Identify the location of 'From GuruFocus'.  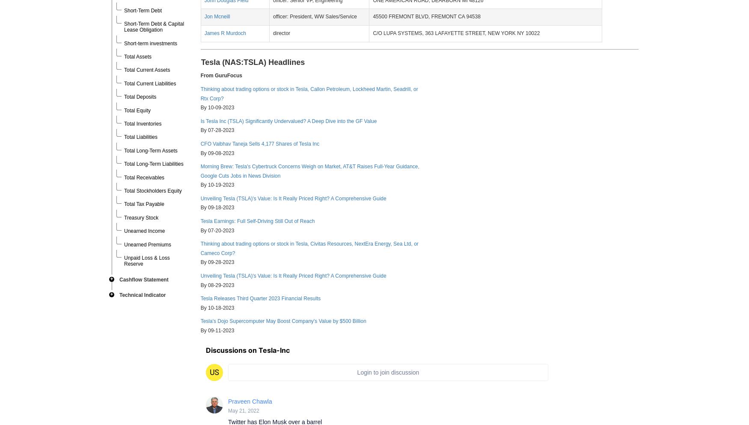
(200, 76).